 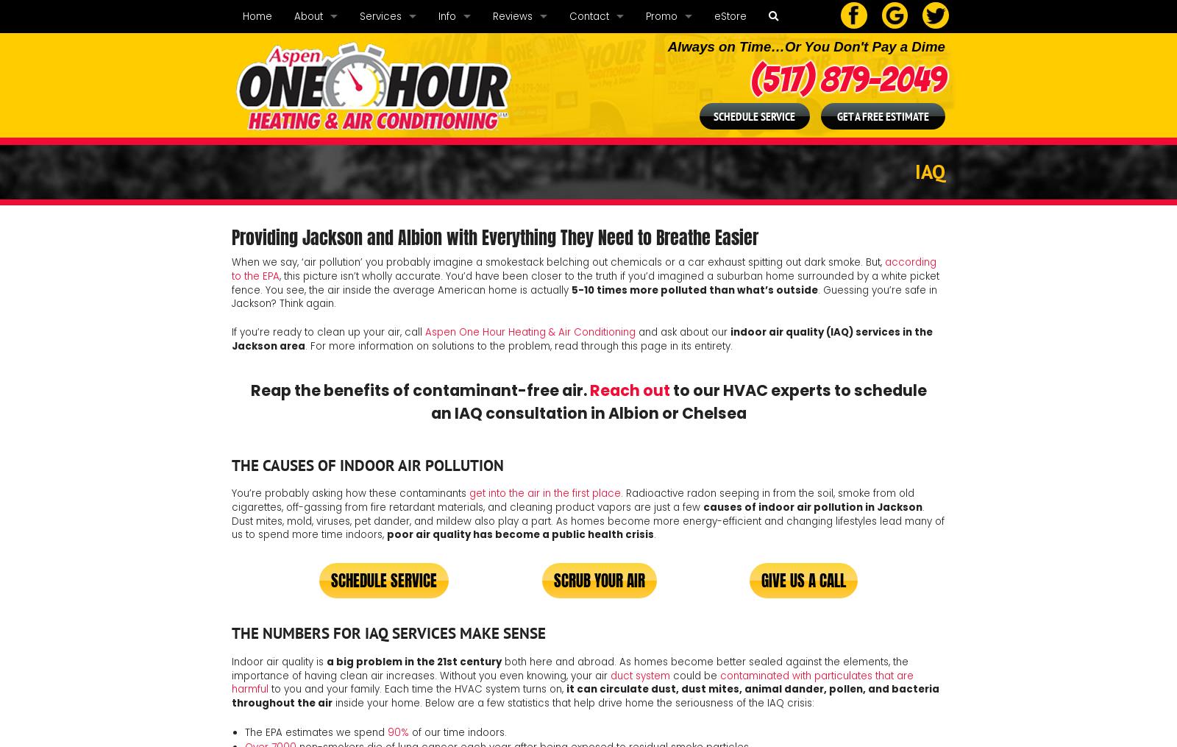 What do you see at coordinates (327, 330) in the screenshot?
I see `'If you’re ready to clean up your air, call'` at bounding box center [327, 330].